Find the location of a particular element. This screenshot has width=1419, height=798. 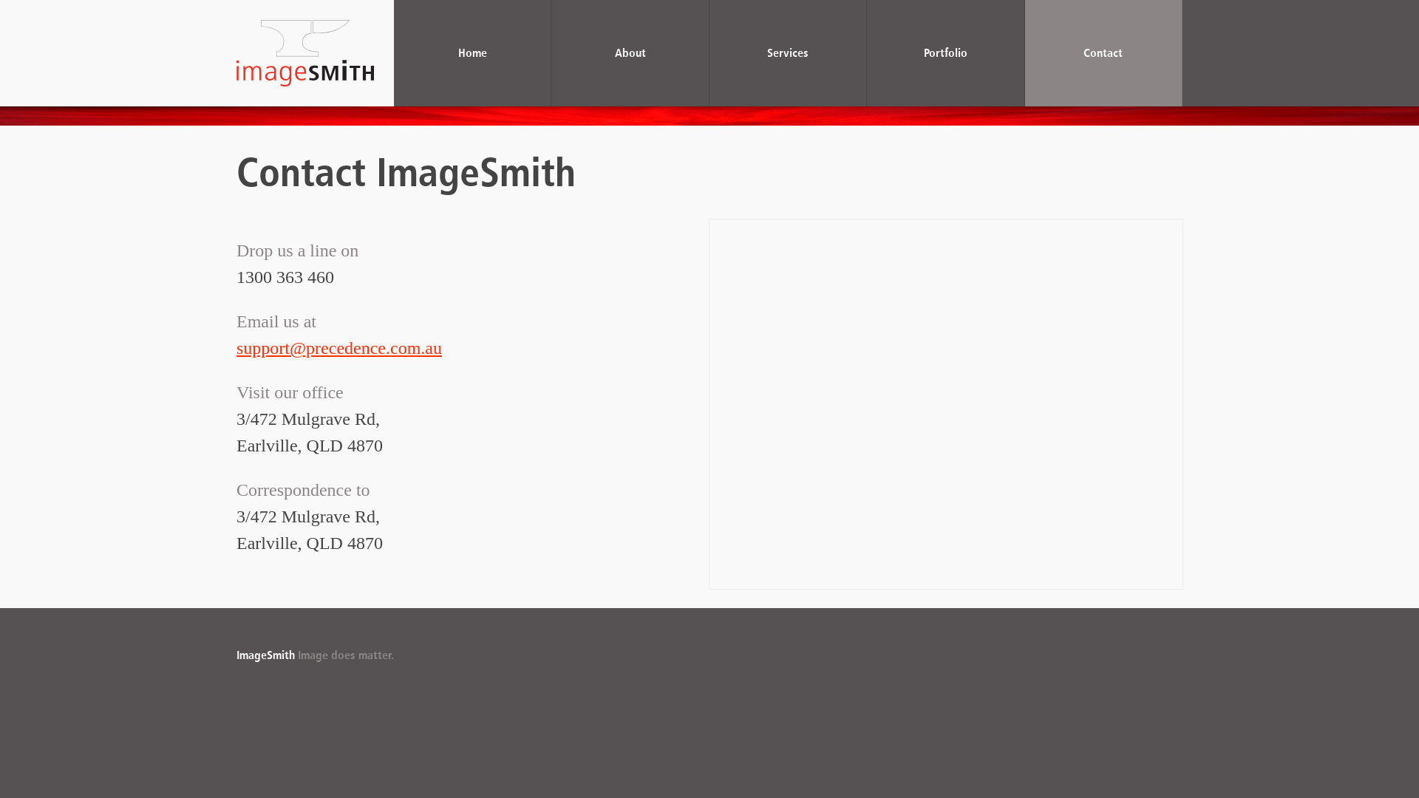

'Home' is located at coordinates (472, 52).